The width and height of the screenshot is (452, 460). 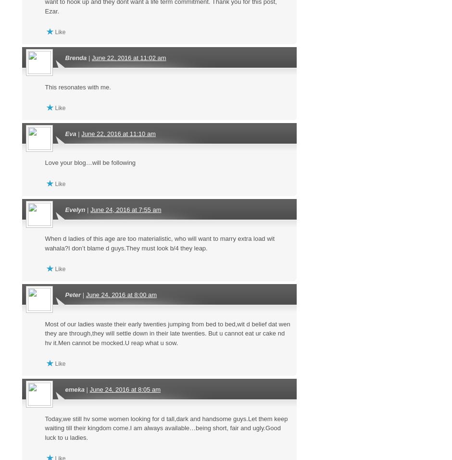 I want to click on 'This resonates with me.', so click(x=44, y=87).